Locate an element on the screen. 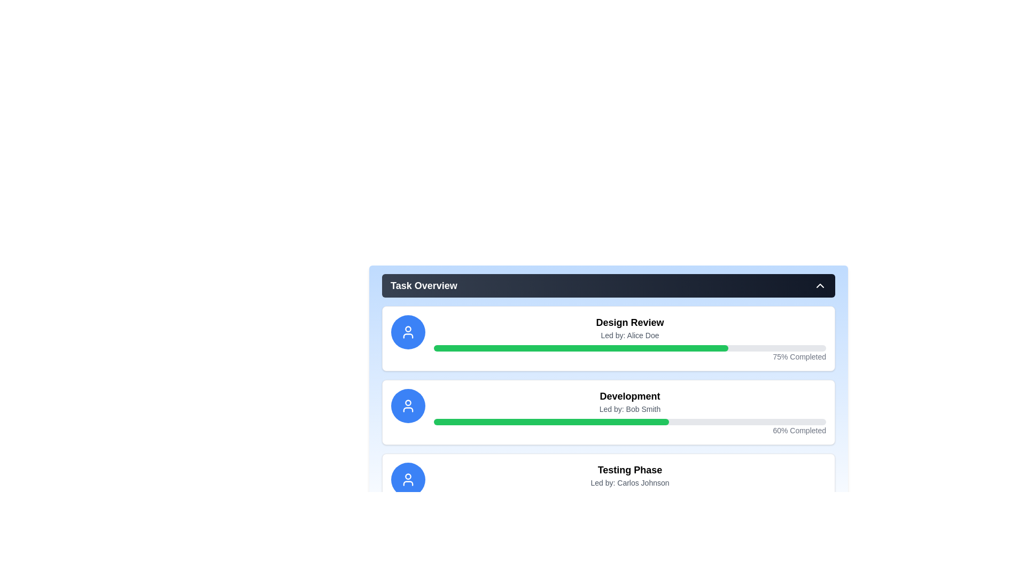 The width and height of the screenshot is (1026, 577). the user icon SVG within the circular button located to the left of the 'Design Review' list item in the 'Task Overview' section is located at coordinates (407, 406).